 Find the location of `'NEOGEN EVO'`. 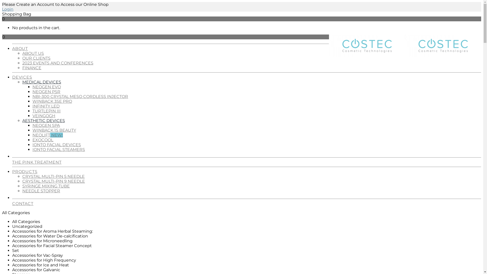

'NEOGEN EVO' is located at coordinates (32, 87).